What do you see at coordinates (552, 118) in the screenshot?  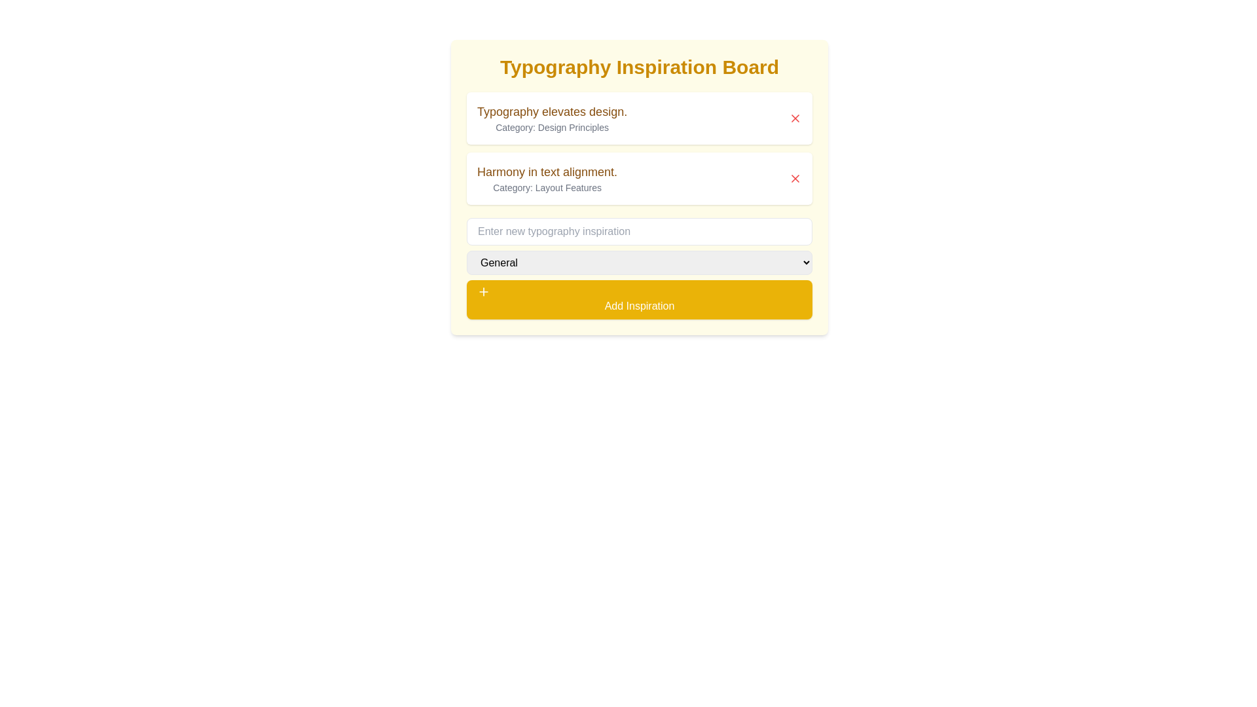 I see `the static text display element showing 'Typography elevates design.' which is positioned above the element labeled 'Harmony in text alignment.'` at bounding box center [552, 118].